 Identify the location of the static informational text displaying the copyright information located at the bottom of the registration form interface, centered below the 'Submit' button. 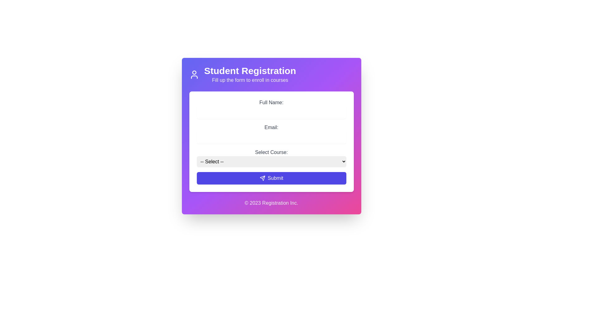
(271, 203).